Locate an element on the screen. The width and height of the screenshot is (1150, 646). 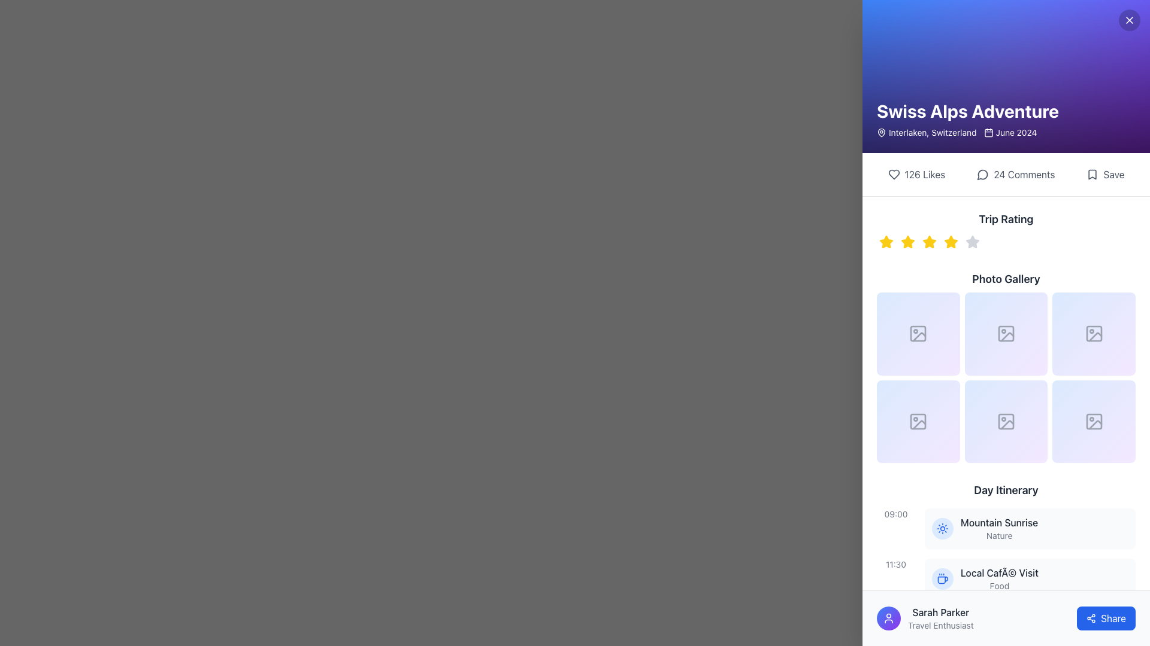
the user profile information element located is located at coordinates (924, 618).